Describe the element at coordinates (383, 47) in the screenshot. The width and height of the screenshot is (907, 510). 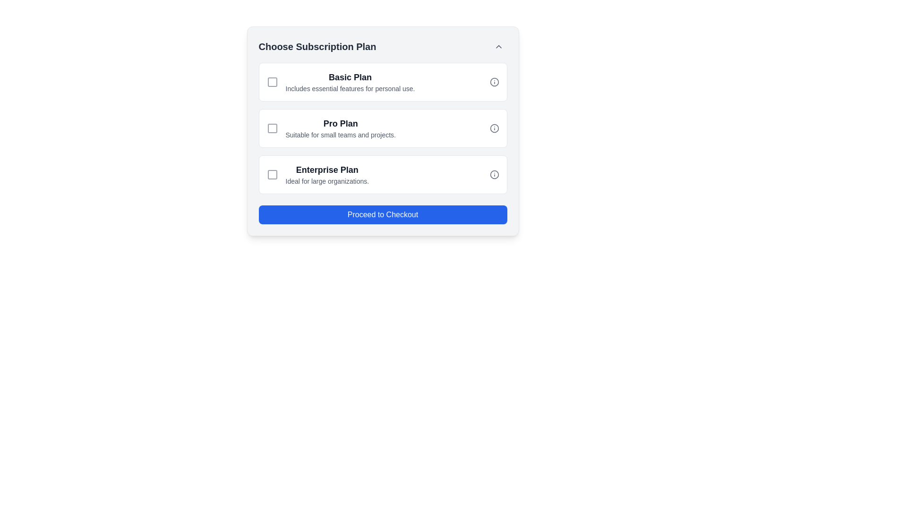
I see `the Heading element for the subscription plan selection section` at that location.